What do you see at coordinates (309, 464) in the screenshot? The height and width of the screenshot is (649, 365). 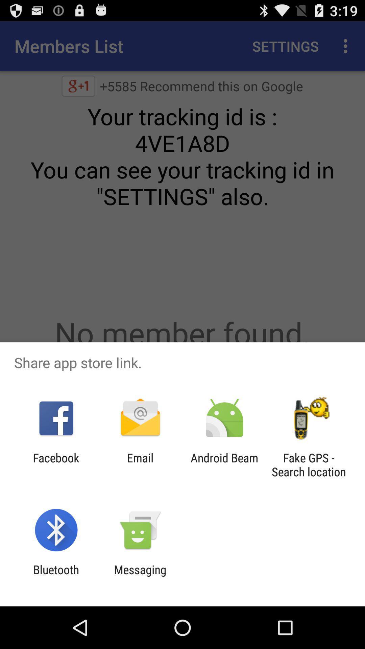 I see `the icon to the right of the android beam item` at bounding box center [309, 464].